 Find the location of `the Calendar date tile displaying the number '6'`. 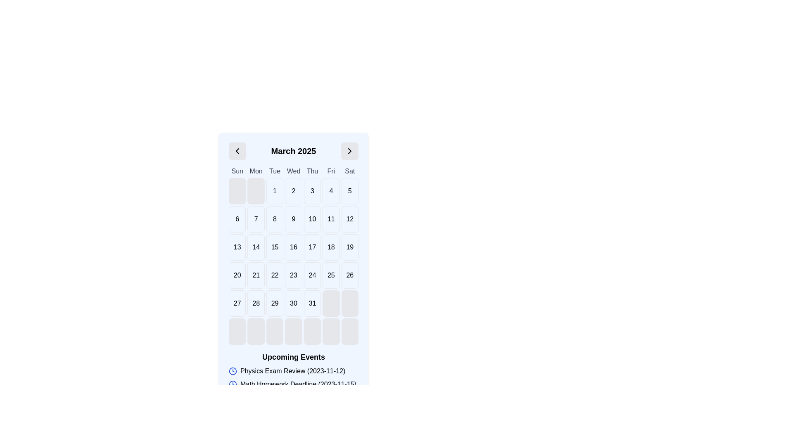

the Calendar date tile displaying the number '6' is located at coordinates (237, 219).